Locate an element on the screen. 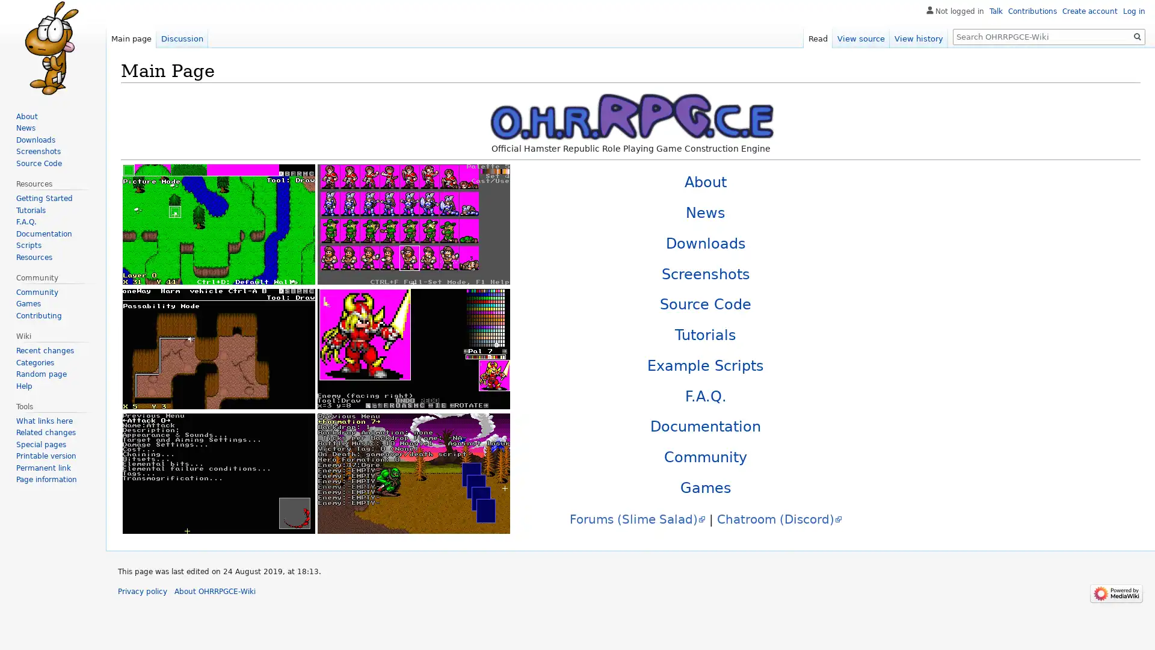 The height and width of the screenshot is (650, 1155). Search is located at coordinates (1137, 36).